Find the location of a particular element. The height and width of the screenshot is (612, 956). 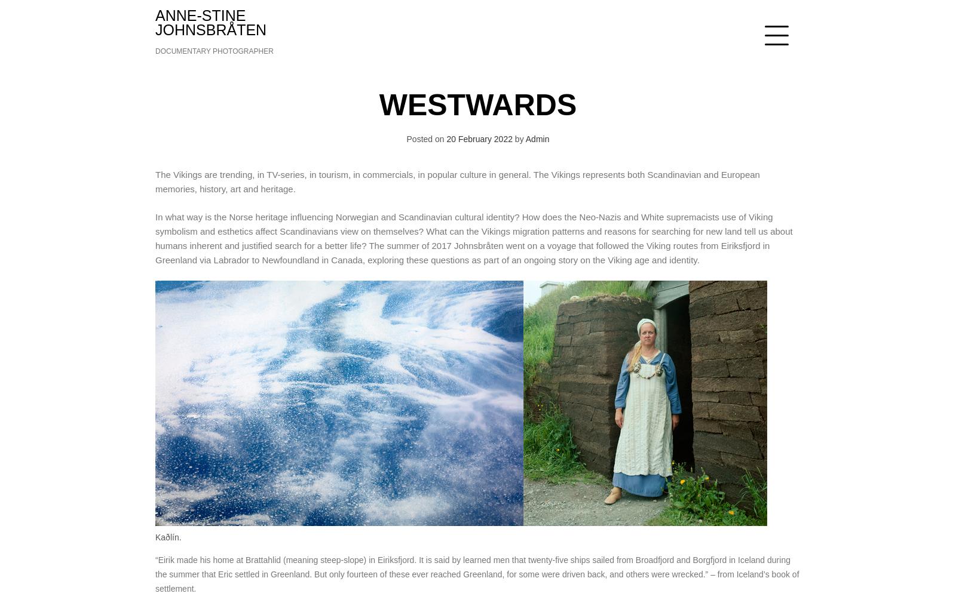

'In what way is the Norse heritage influencing Norwegian and Scandinavian cultural identity? How does the Neo-Nazis and White supremacists use of Viking symbolism and esthetics affect Scandinavians view on themselves? What can the Vikings migration patterns and reasons for searching for new land tell us about humans inherent and justified search for a better life? The summer of 2017 Johnsbråten went on a voyage that followed the Viking routes from Eiriksfjord in Greenland via Labrador to Newfoundland in Canada, exploring these questions as part of an ongoing story on the Viking age and identity.' is located at coordinates (473, 238).